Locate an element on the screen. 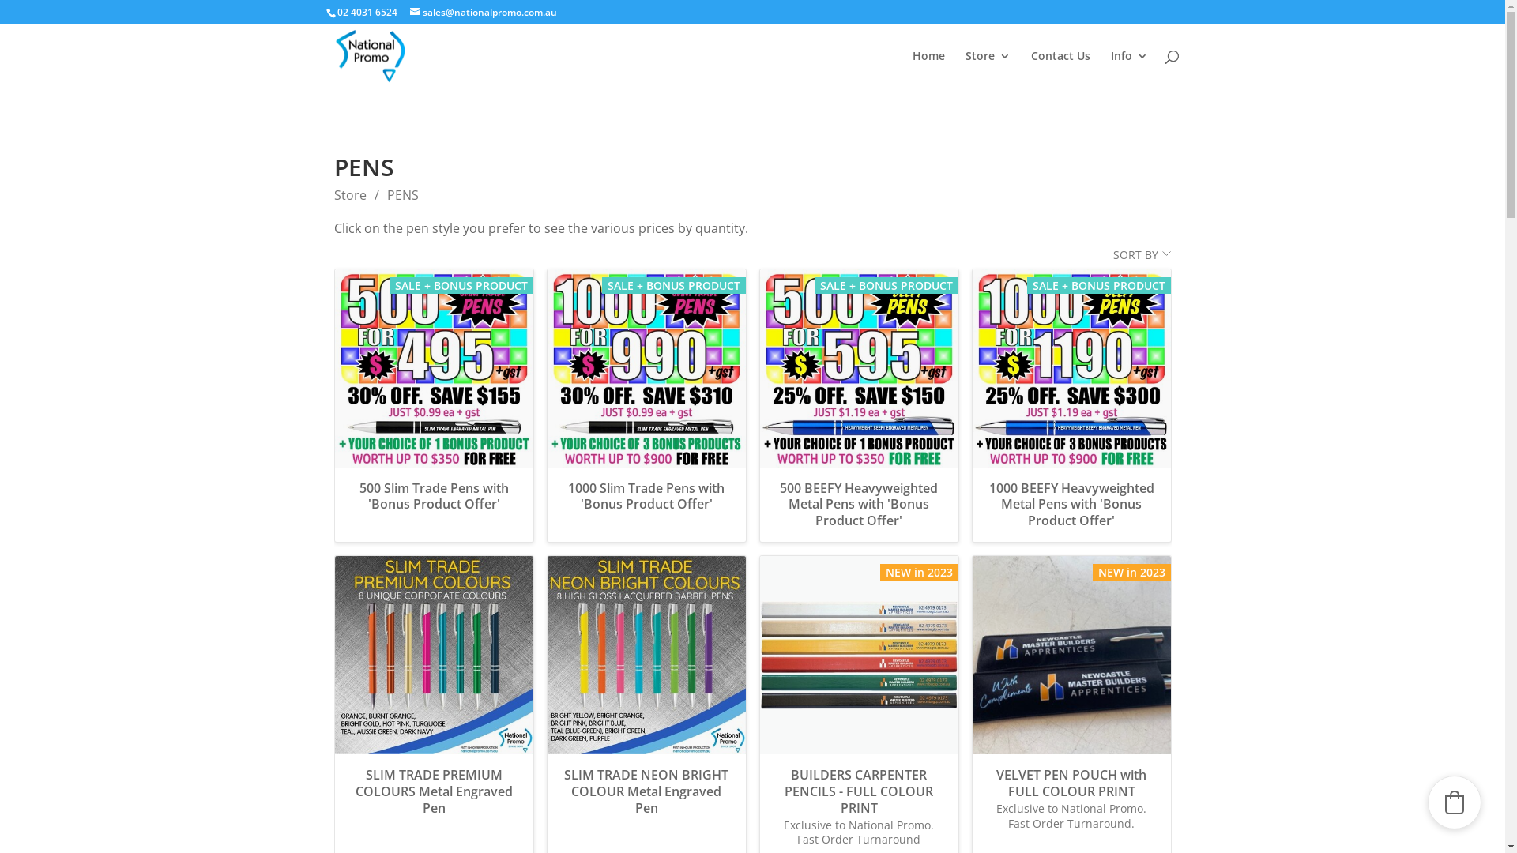 This screenshot has width=1517, height=853. 'BUILDERS CARPENTER PENCILS - FULL COLOUR PRINT' is located at coordinates (858, 791).